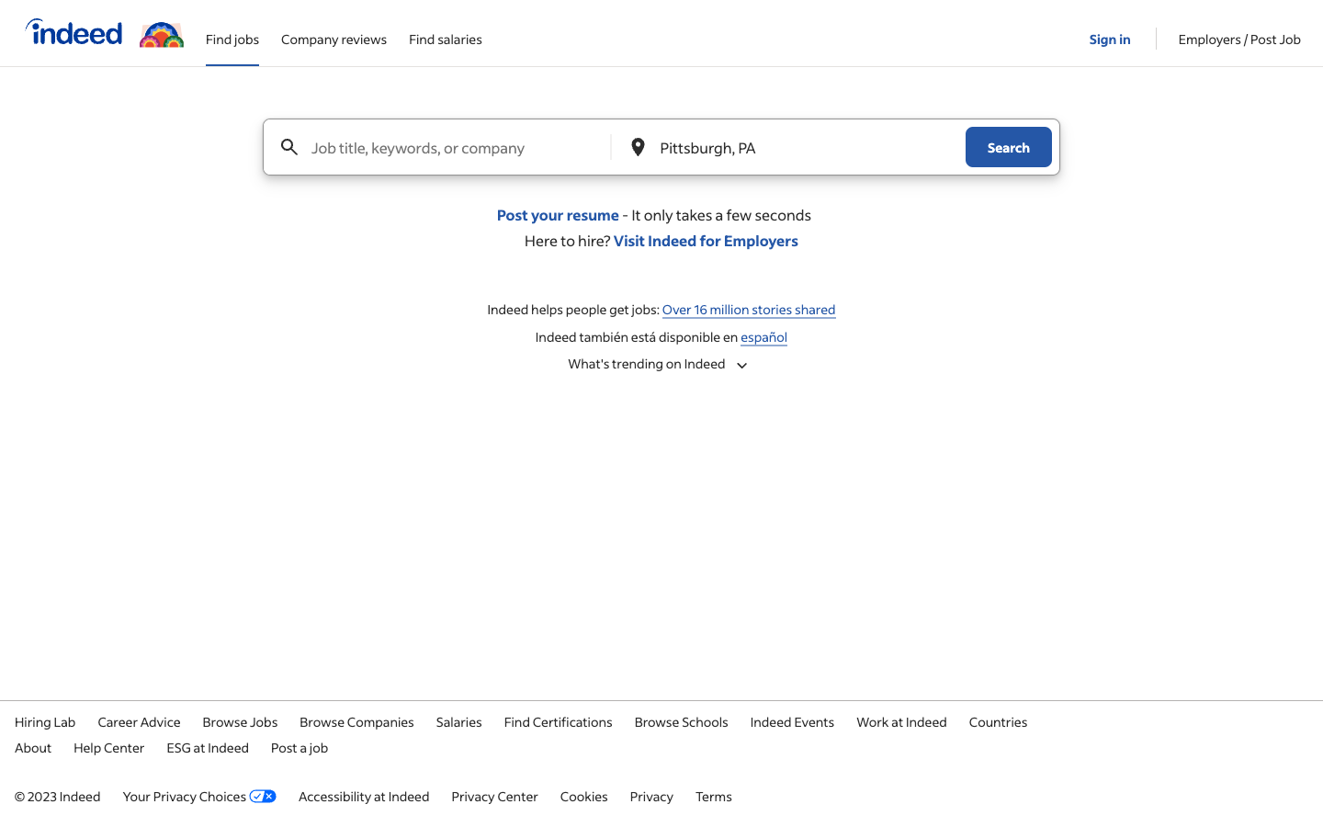 The width and height of the screenshot is (1323, 827). I want to click on the Authentication Page, so click(1111, 31).